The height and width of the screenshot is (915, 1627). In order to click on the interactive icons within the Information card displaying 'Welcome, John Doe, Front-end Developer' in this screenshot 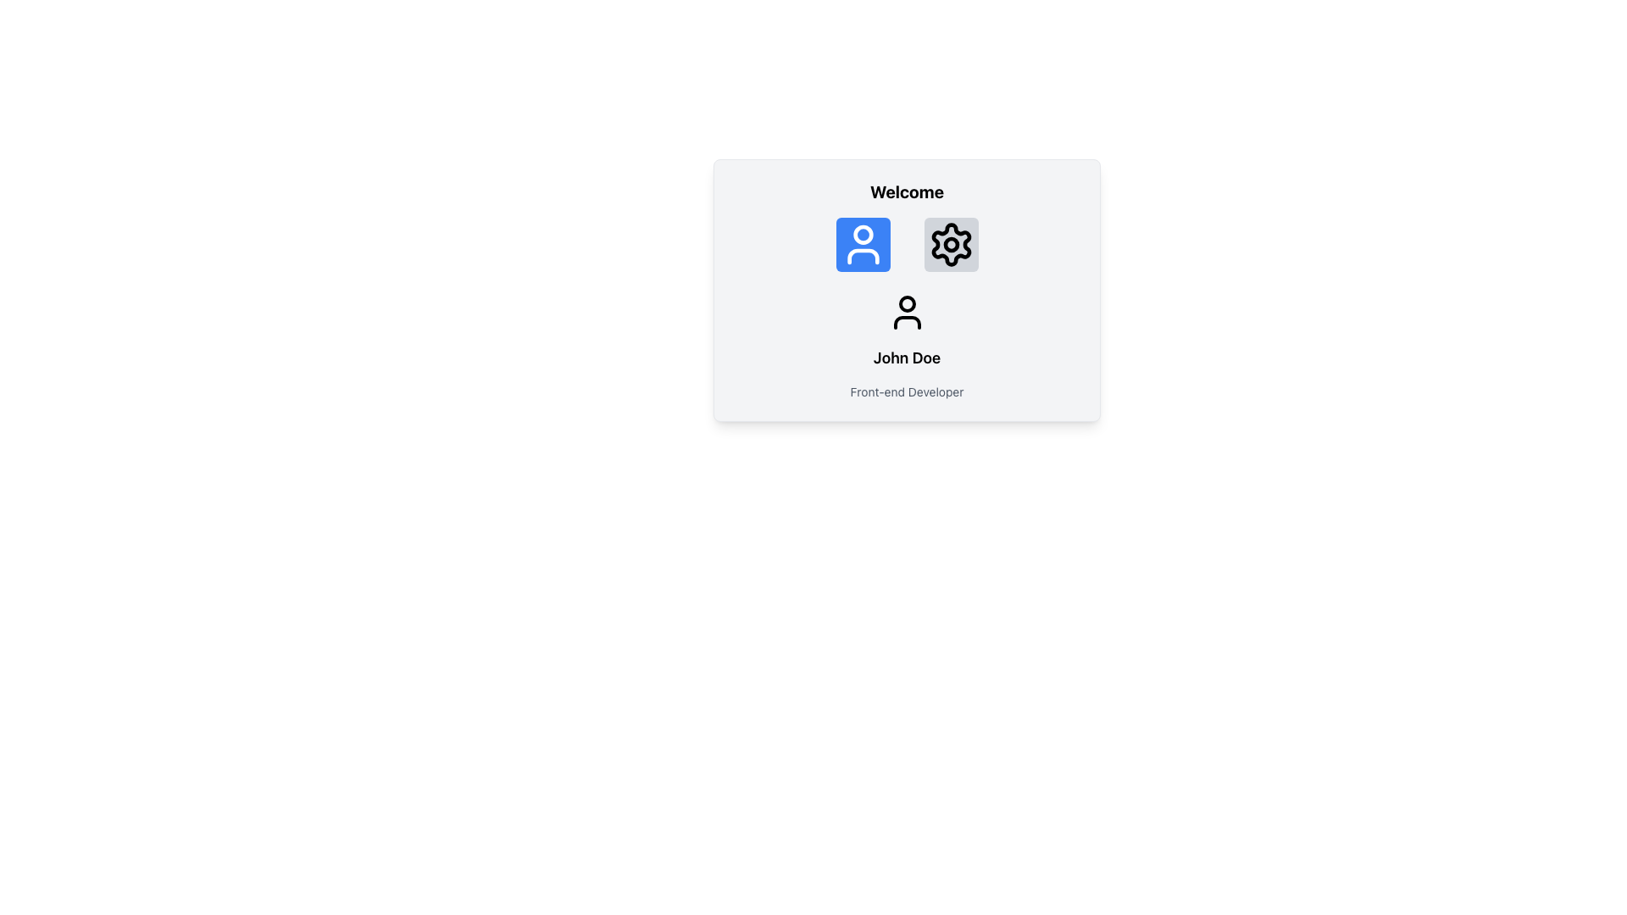, I will do `click(906, 290)`.